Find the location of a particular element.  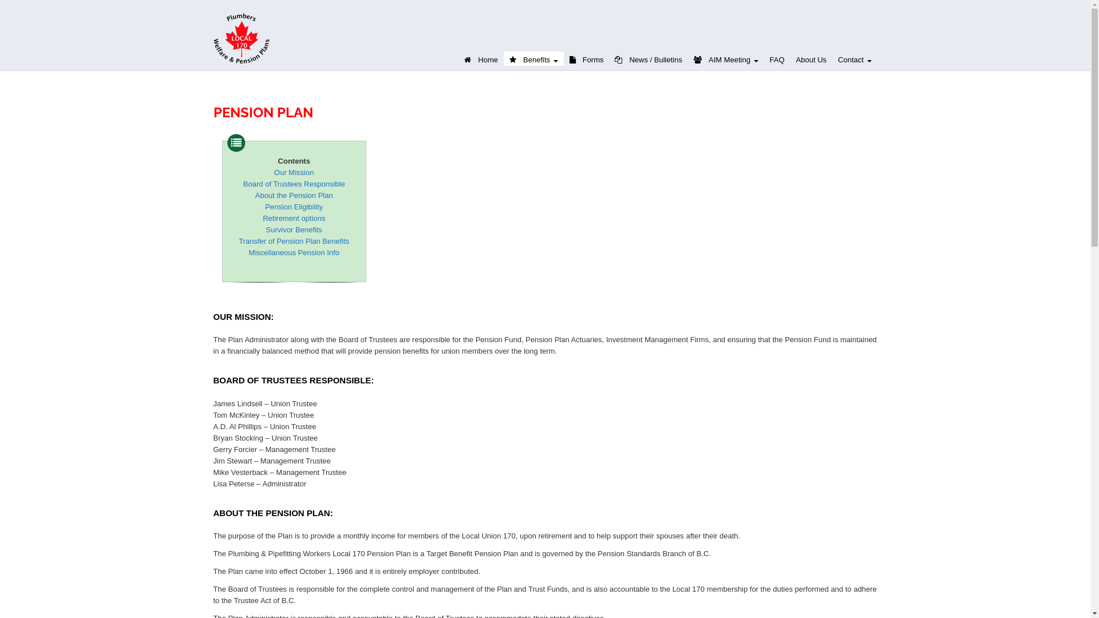

'Pension Eligibility' is located at coordinates (294, 207).